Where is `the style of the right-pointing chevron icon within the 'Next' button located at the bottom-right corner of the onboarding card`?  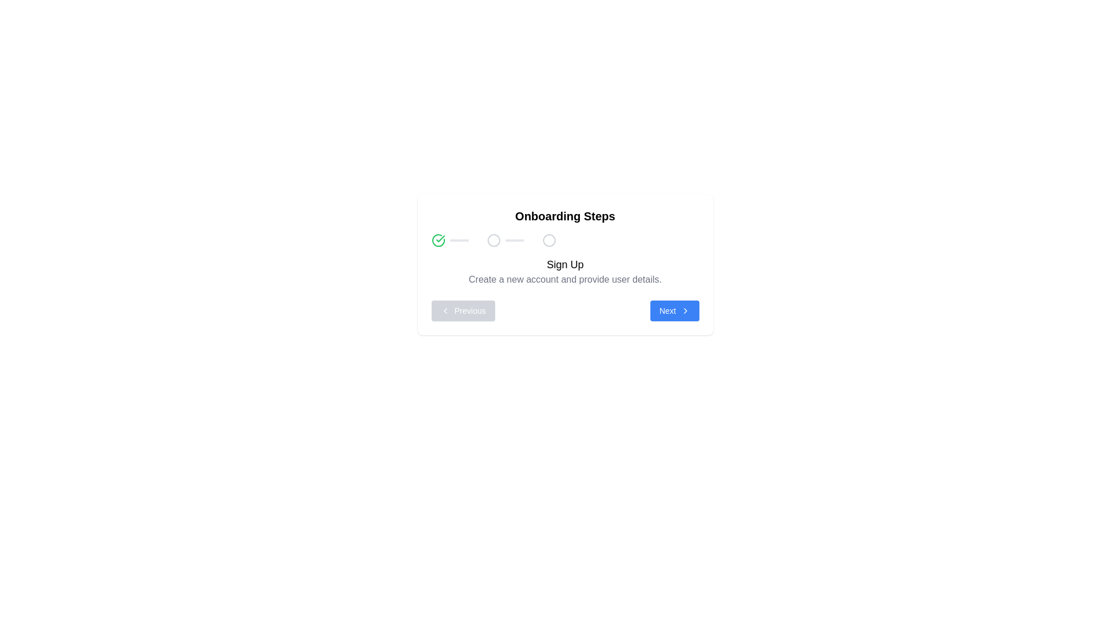
the style of the right-pointing chevron icon within the 'Next' button located at the bottom-right corner of the onboarding card is located at coordinates (685, 310).